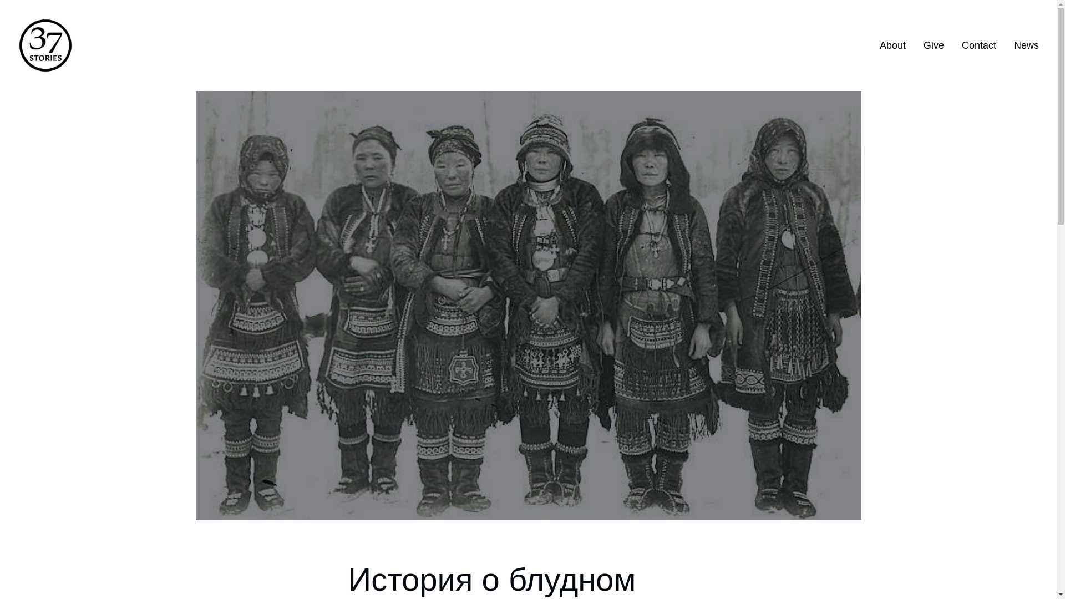  What do you see at coordinates (892, 45) in the screenshot?
I see `'About'` at bounding box center [892, 45].